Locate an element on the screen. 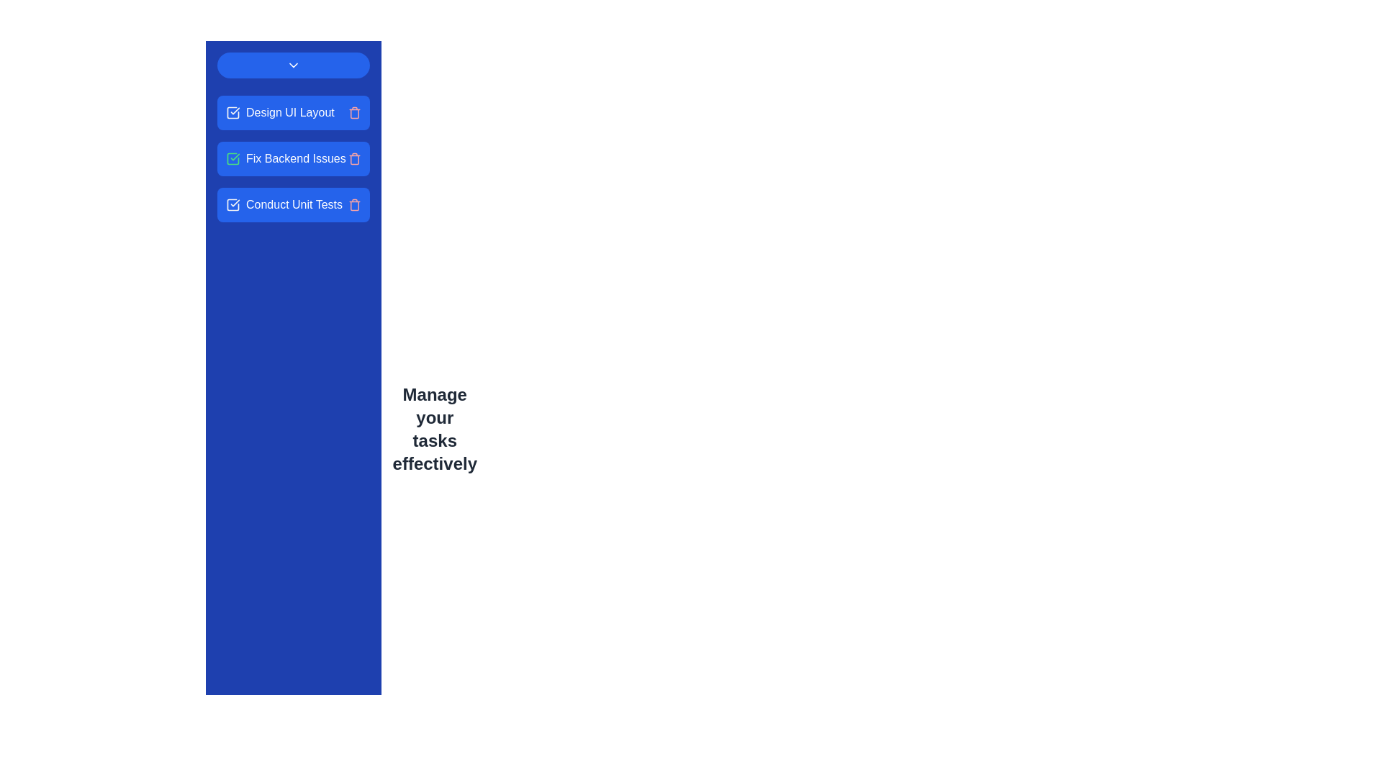 The width and height of the screenshot is (1382, 777). the downwards-pointing chevron icon on the light blue button to interact with the dropdown menu is located at coordinates (292, 65).